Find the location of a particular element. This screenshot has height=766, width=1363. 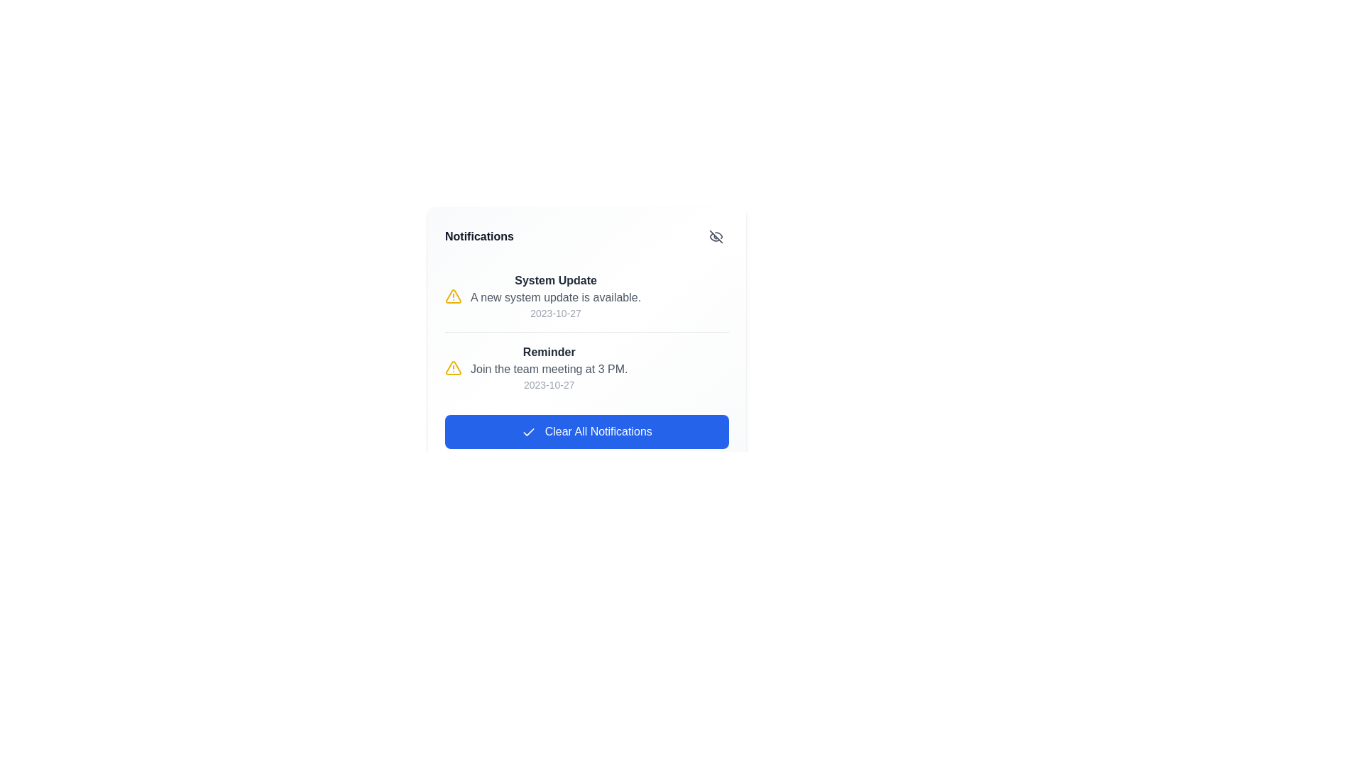

the notification message about the new system update, which is the first item in the notifications section, positioned below the 'Notifications' heading and above the 'Reminder' notification is located at coordinates (554, 295).